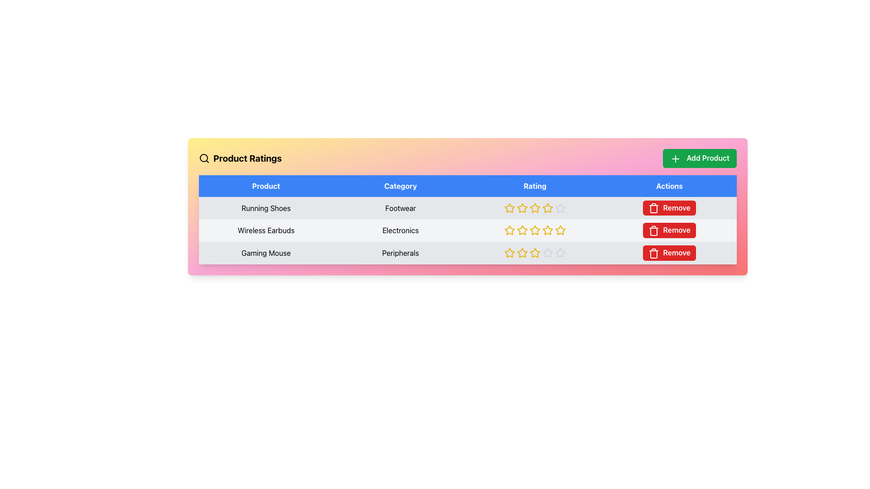  I want to click on the star icons in the 3-star rating display for the product 'Gaming Mouse', so click(535, 253).